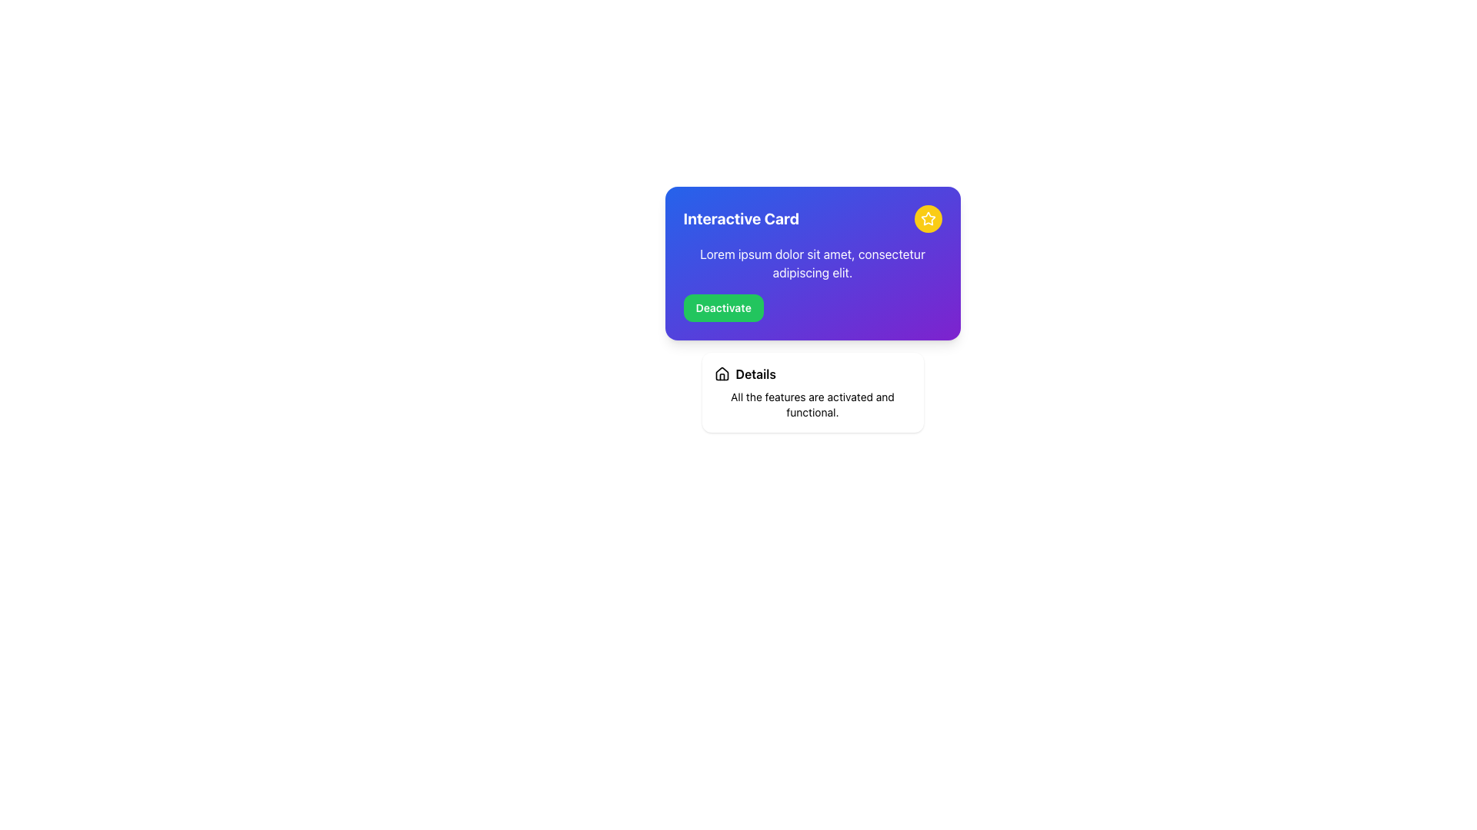 The height and width of the screenshot is (830, 1477). Describe the element at coordinates (721, 373) in the screenshot. I see `the home/property icon located in the top-left corner of the 'Details' section` at that location.